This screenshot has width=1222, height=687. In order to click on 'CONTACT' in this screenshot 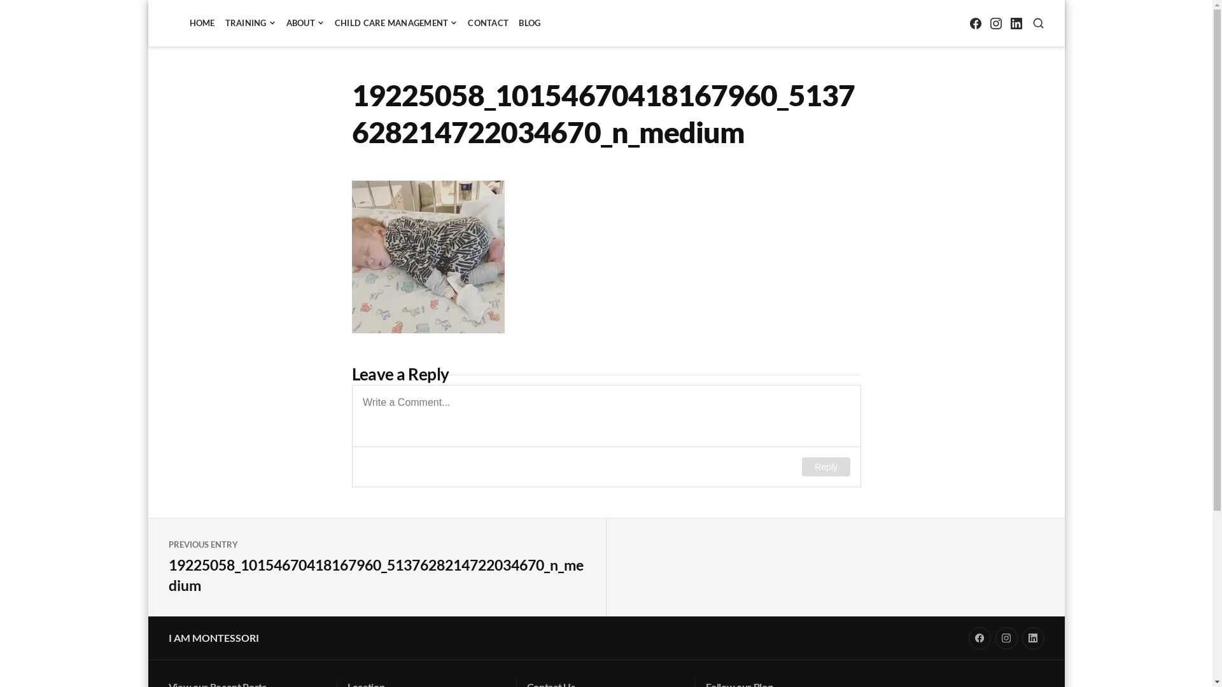, I will do `click(488, 23)`.